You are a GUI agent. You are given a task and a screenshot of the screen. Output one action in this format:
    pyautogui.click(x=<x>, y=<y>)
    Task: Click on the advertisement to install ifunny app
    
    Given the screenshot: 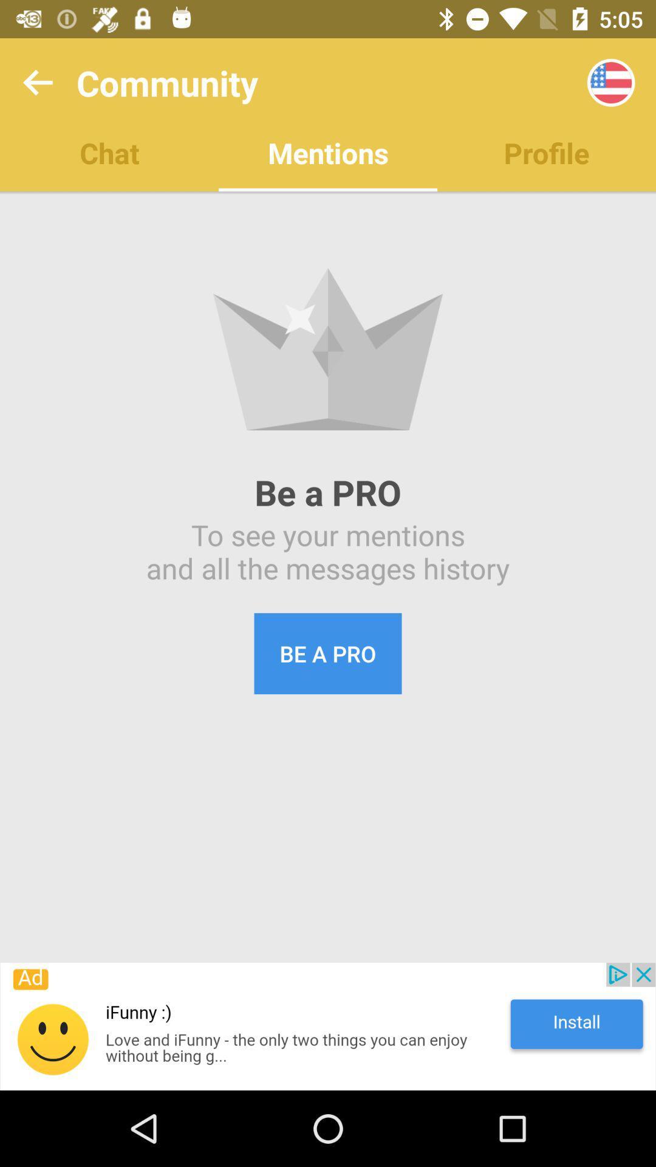 What is the action you would take?
    pyautogui.click(x=328, y=1026)
    